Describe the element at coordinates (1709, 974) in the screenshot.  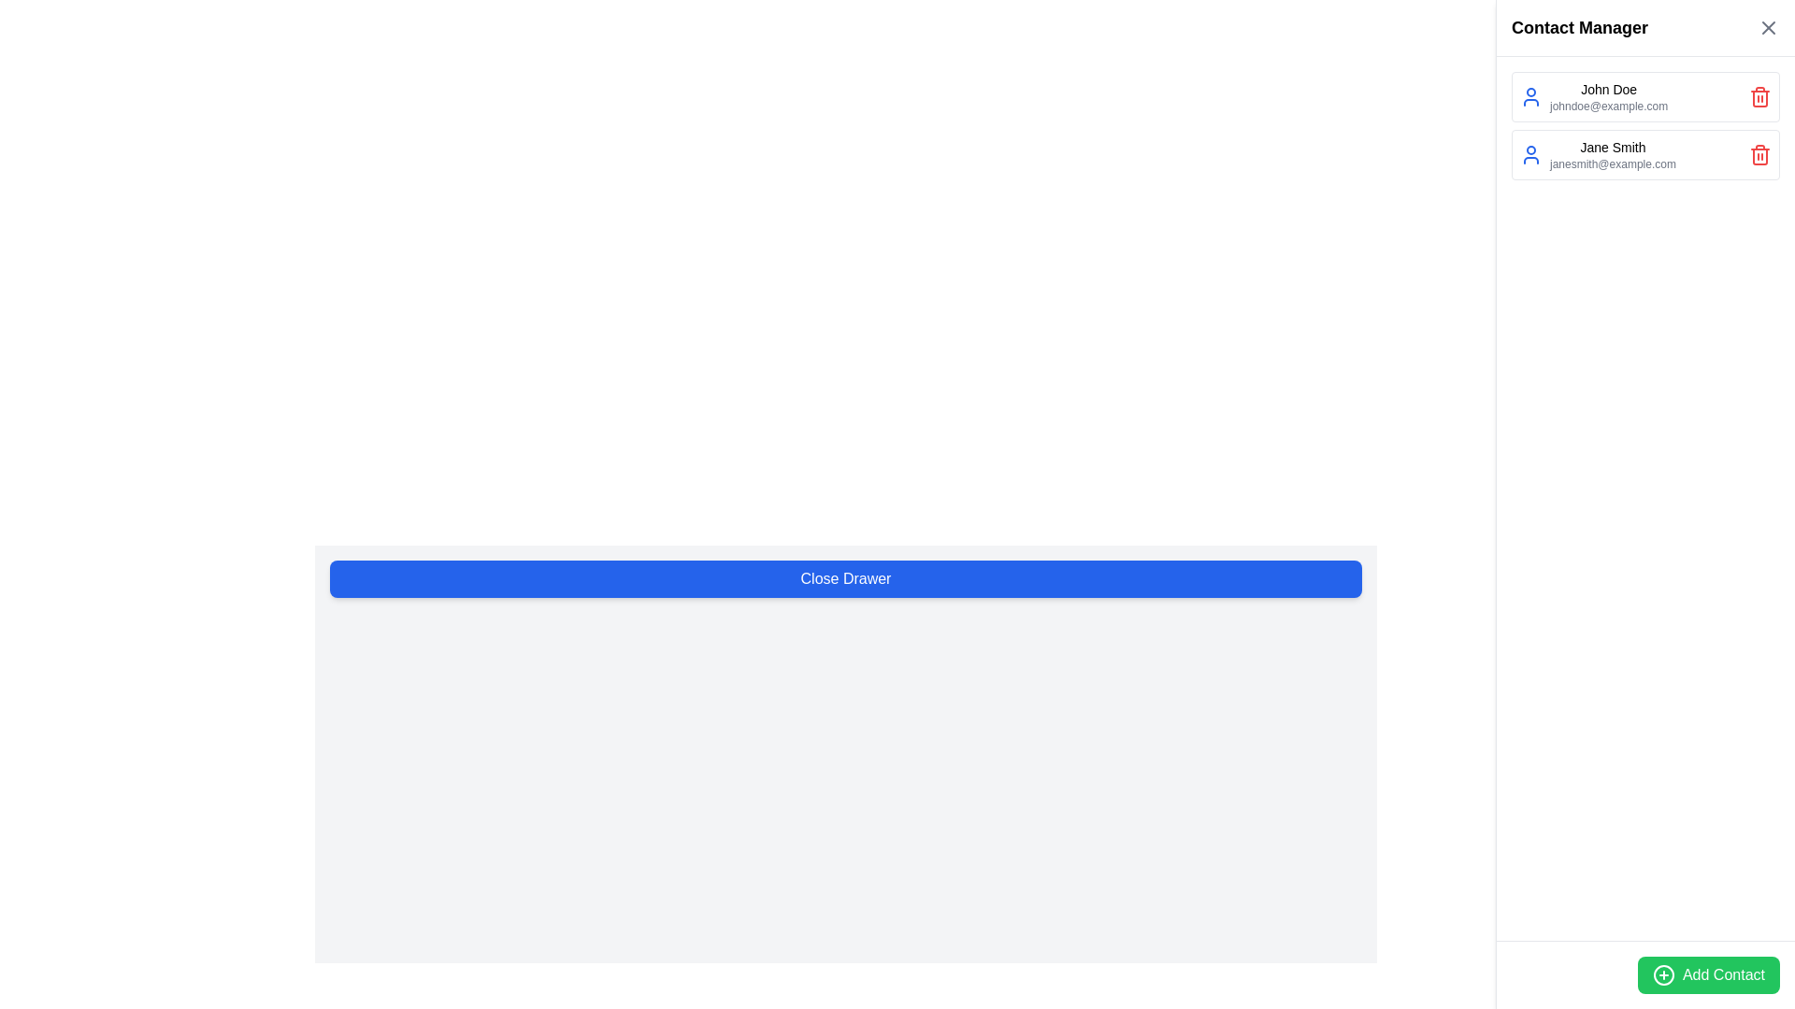
I see `the green button labeled 'Add Contact' with a '+' icon` at that location.